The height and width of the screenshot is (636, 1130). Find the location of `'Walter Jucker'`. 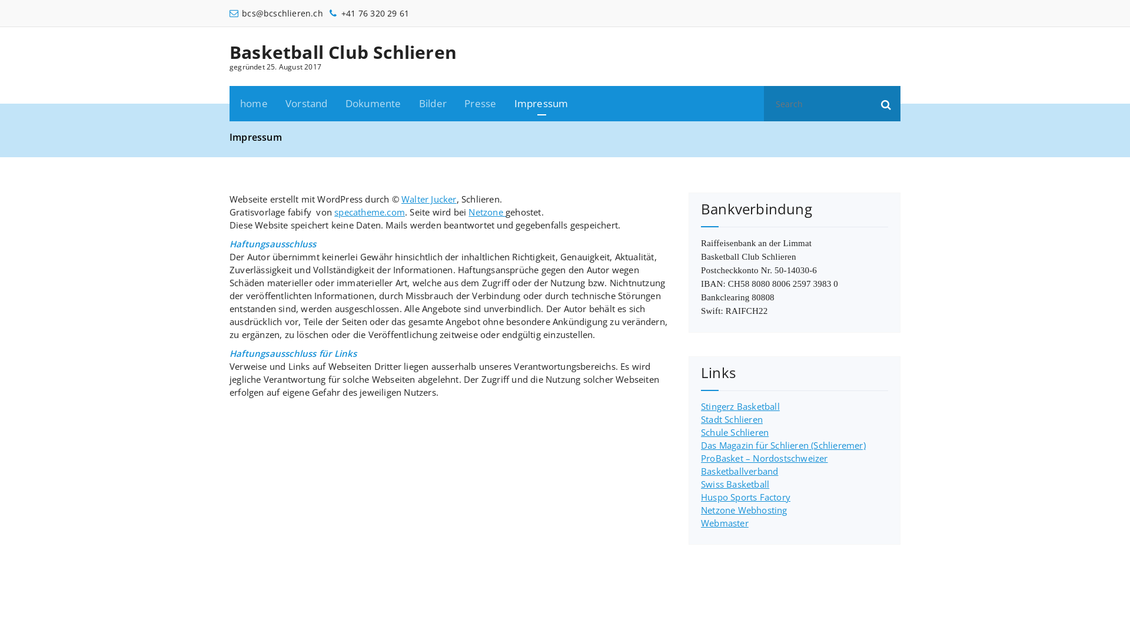

'Walter Jucker' is located at coordinates (428, 198).